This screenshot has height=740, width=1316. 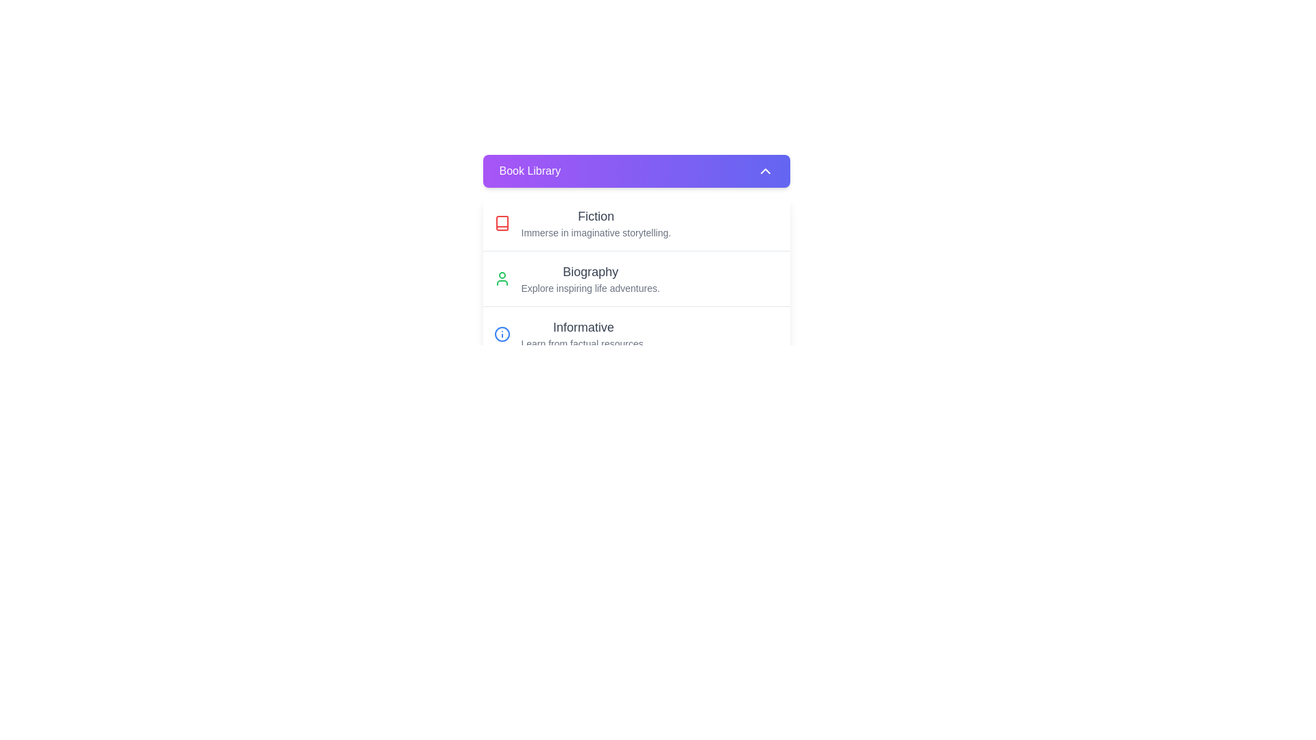 I want to click on the circular blue outlined information icon located to the left of the 'Informative' text in the 'Informative' section, so click(x=501, y=334).